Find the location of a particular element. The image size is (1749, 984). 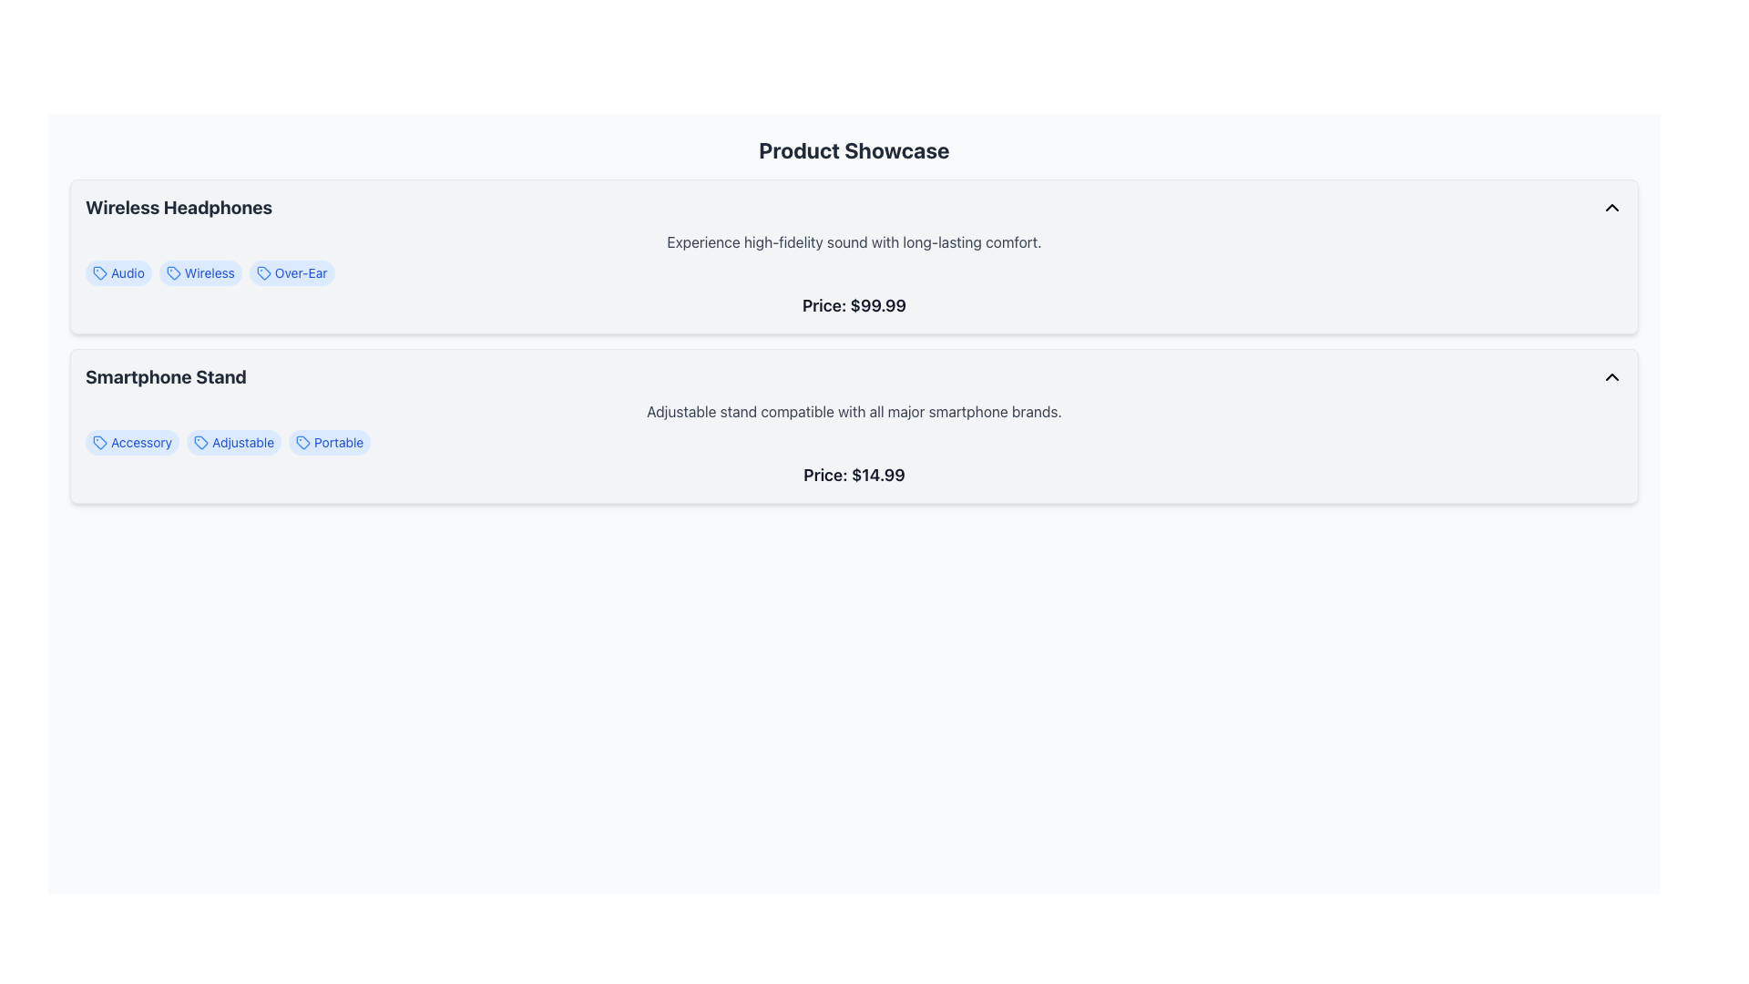

the 'Over-Ear' badge located under the 'Wireless Headphones' header, which is the third badge in the sequence of style elements is located at coordinates (291, 273).